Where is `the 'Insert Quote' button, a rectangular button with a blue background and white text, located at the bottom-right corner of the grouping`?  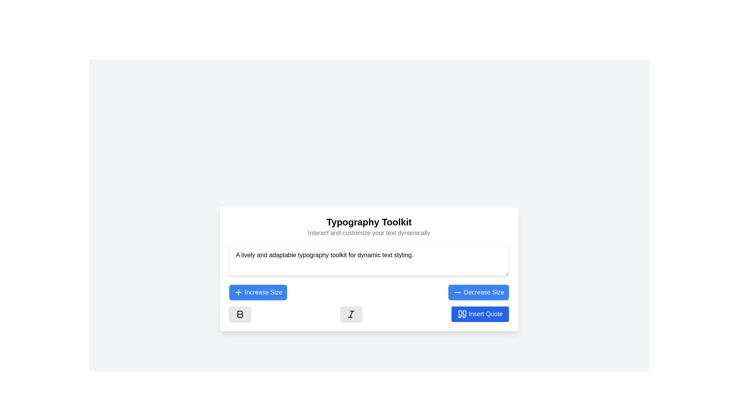 the 'Insert Quote' button, a rectangular button with a blue background and white text, located at the bottom-right corner of the grouping is located at coordinates (479, 313).